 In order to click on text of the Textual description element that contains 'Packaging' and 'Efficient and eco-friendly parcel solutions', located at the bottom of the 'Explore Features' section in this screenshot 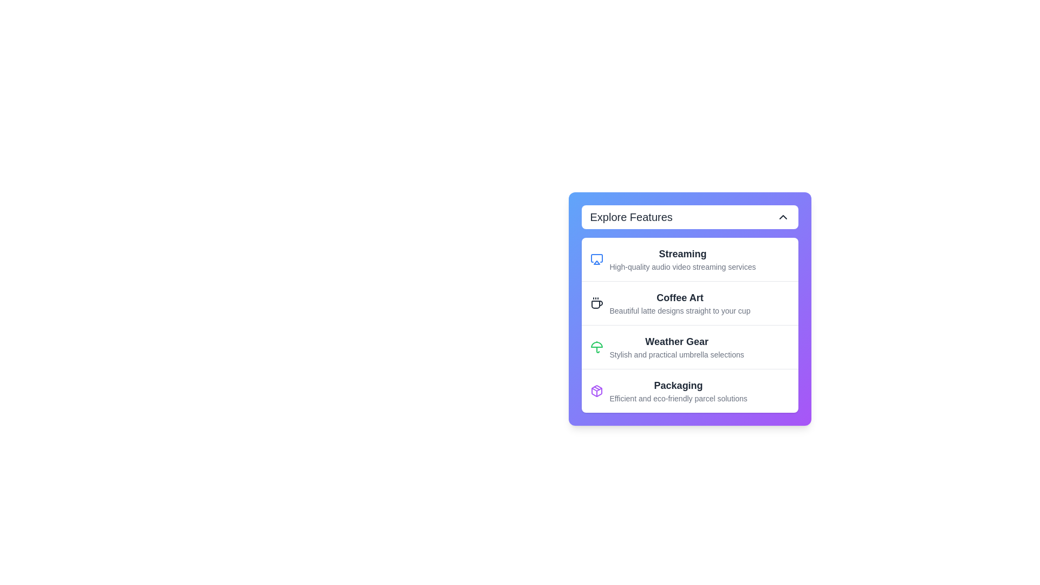, I will do `click(678, 391)`.